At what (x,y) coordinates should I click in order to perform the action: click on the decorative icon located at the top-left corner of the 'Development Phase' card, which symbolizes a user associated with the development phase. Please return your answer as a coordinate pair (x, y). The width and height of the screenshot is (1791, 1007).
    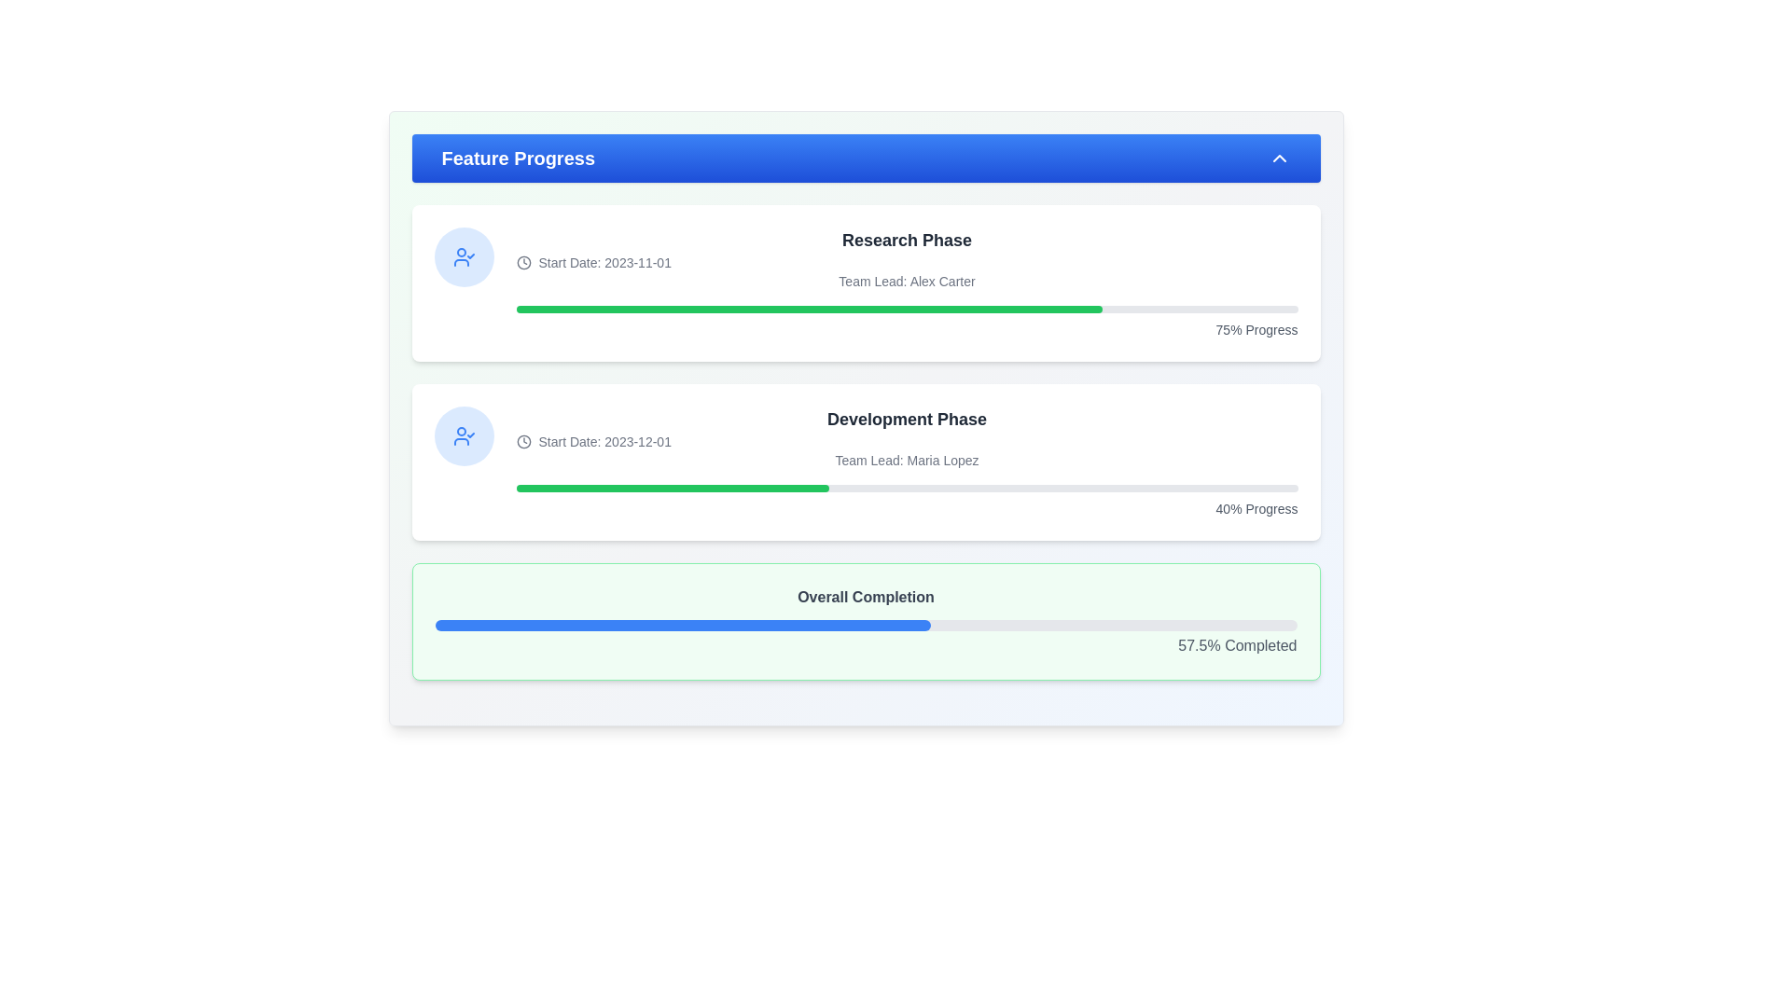
    Looking at the image, I should click on (464, 435).